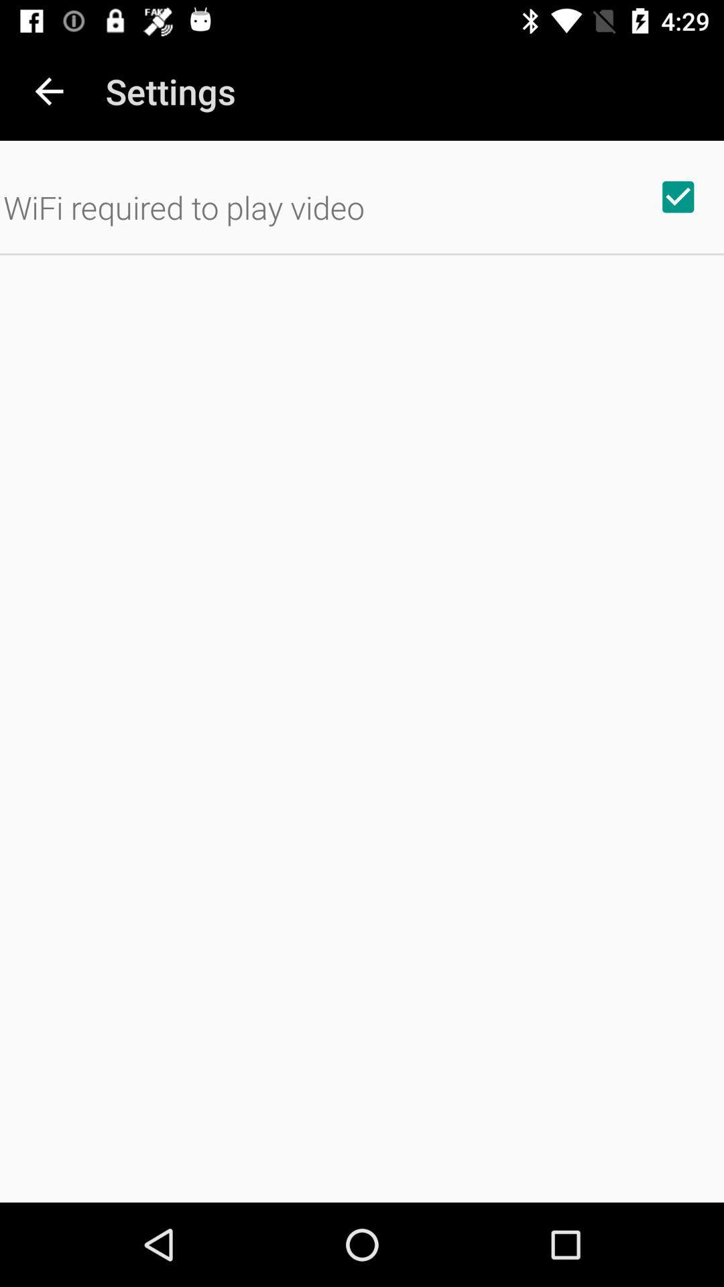  Describe the element at coordinates (48, 90) in the screenshot. I see `go back` at that location.